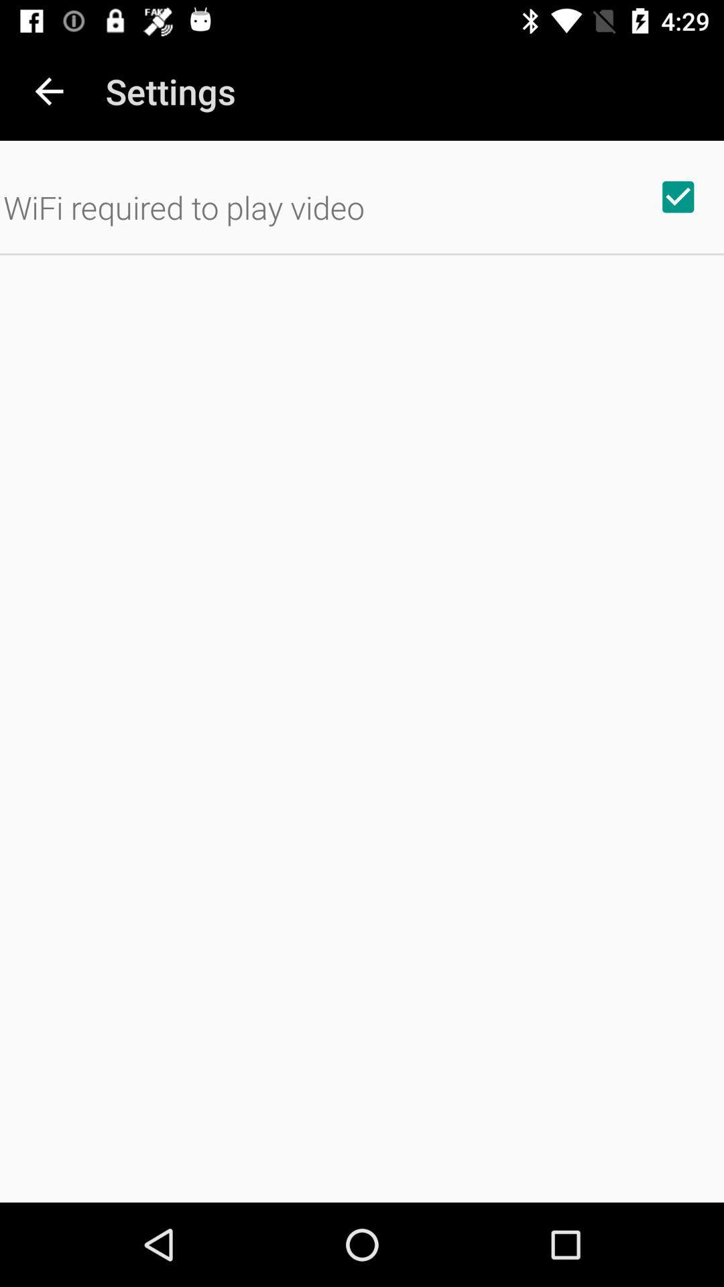  Describe the element at coordinates (48, 90) in the screenshot. I see `go back` at that location.